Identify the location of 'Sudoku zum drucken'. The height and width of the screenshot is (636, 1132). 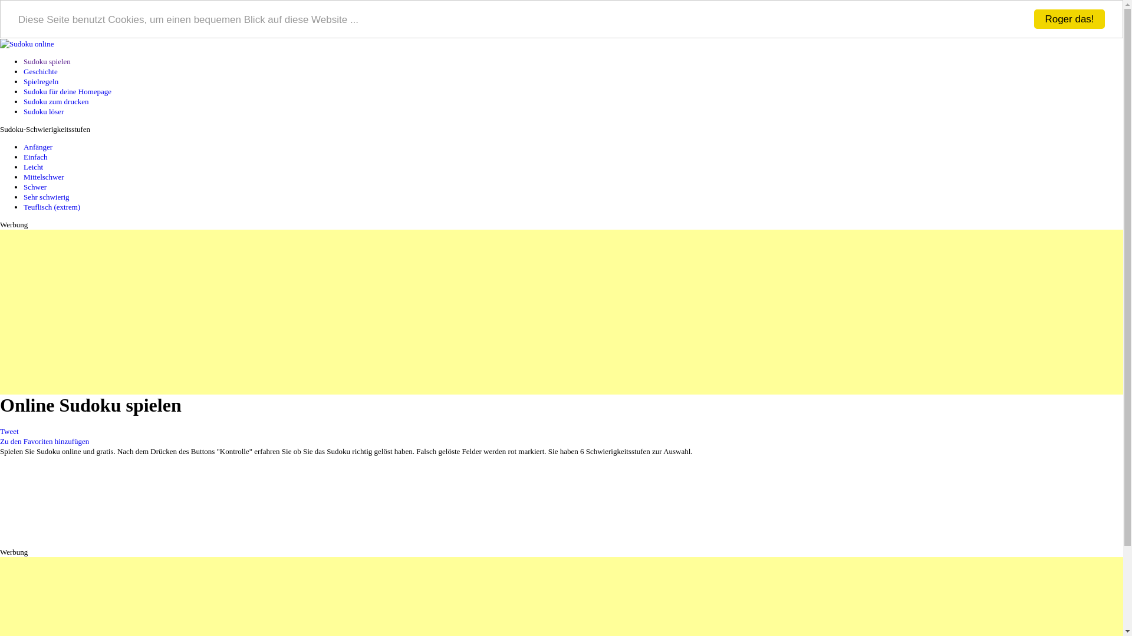
(55, 101).